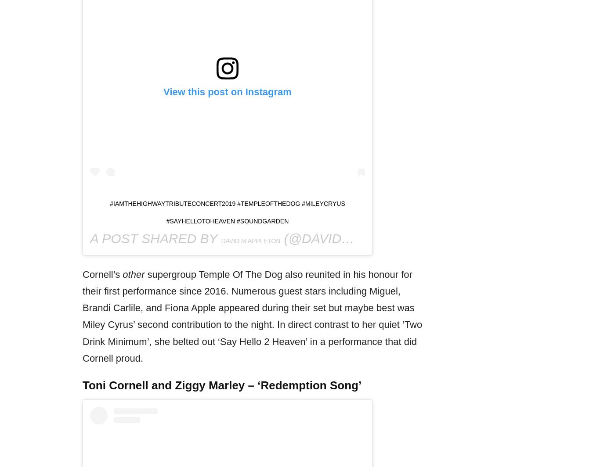  I want to click on 'Toni Cornell and Ziggy Marley – ‘Redemption Song’', so click(221, 385).